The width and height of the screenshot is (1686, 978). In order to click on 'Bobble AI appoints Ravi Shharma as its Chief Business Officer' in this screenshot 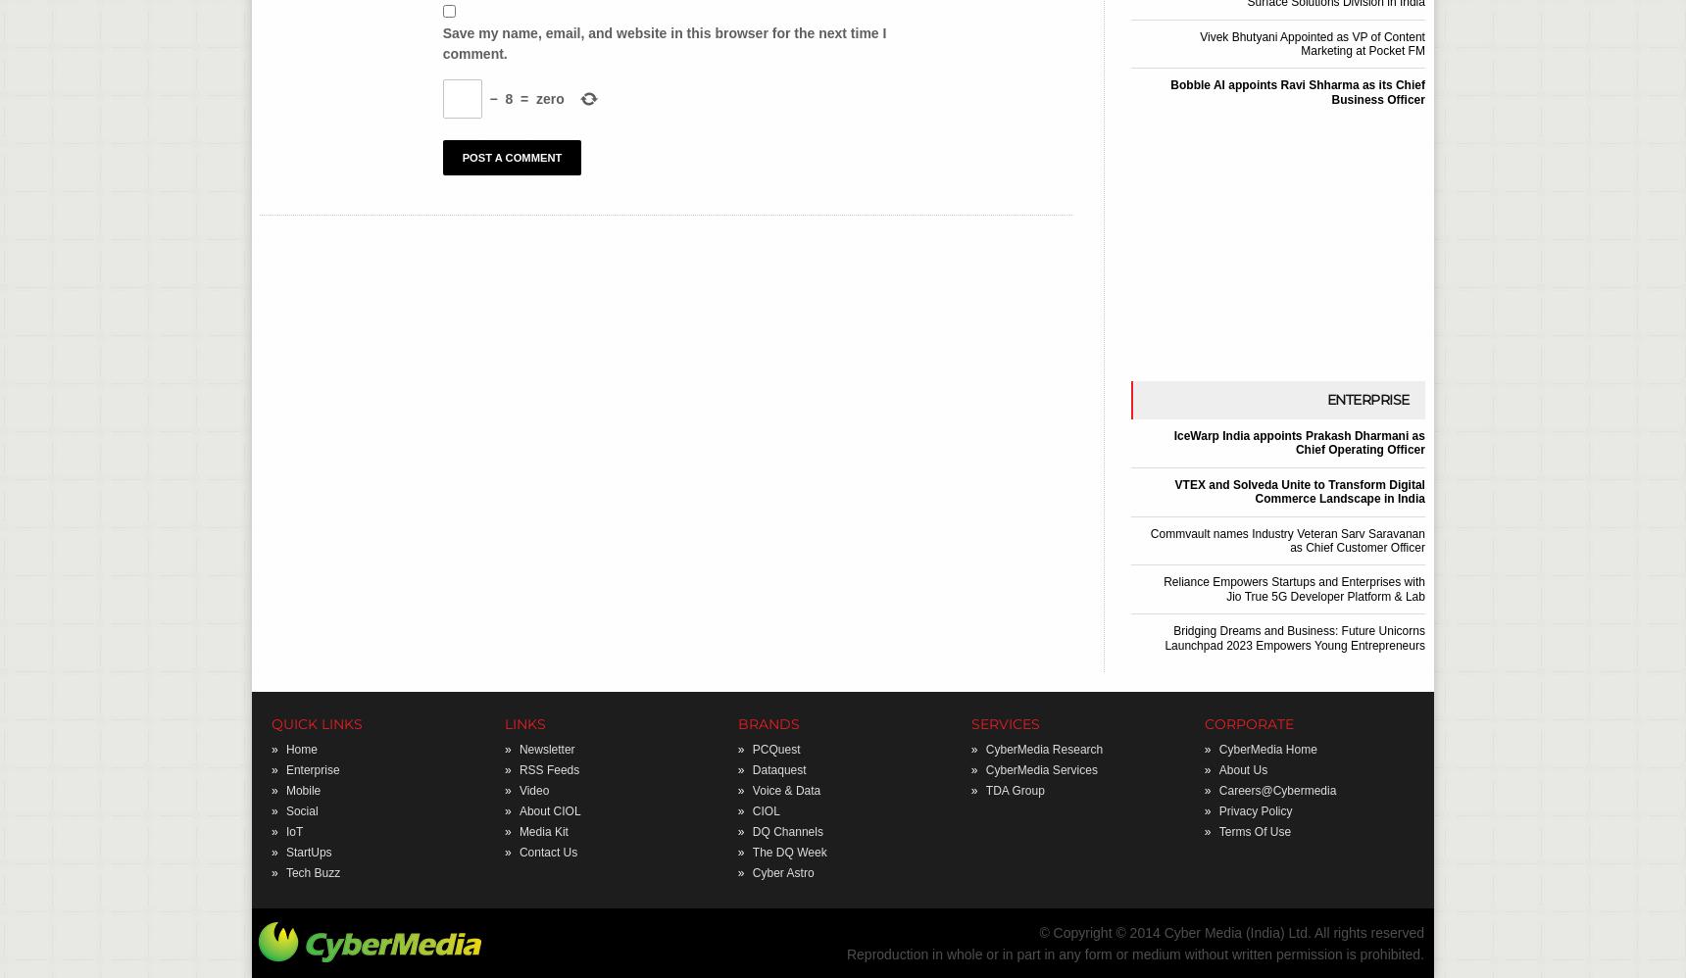, I will do `click(1296, 91)`.